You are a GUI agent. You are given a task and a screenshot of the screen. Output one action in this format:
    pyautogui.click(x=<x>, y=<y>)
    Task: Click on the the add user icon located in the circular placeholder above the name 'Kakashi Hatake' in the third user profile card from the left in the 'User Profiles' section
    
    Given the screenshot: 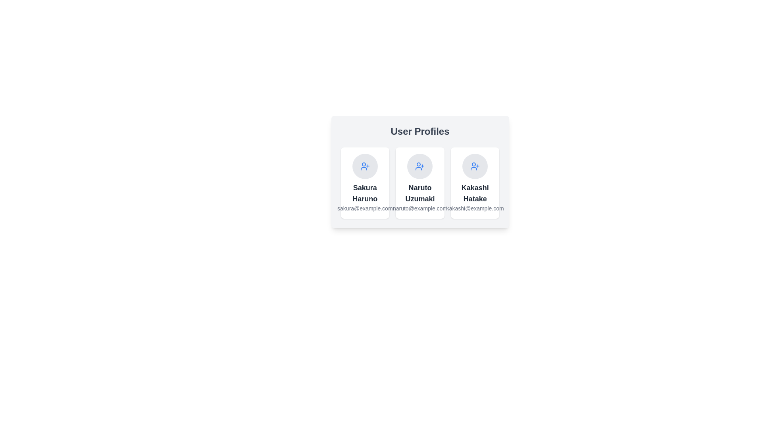 What is the action you would take?
    pyautogui.click(x=475, y=166)
    